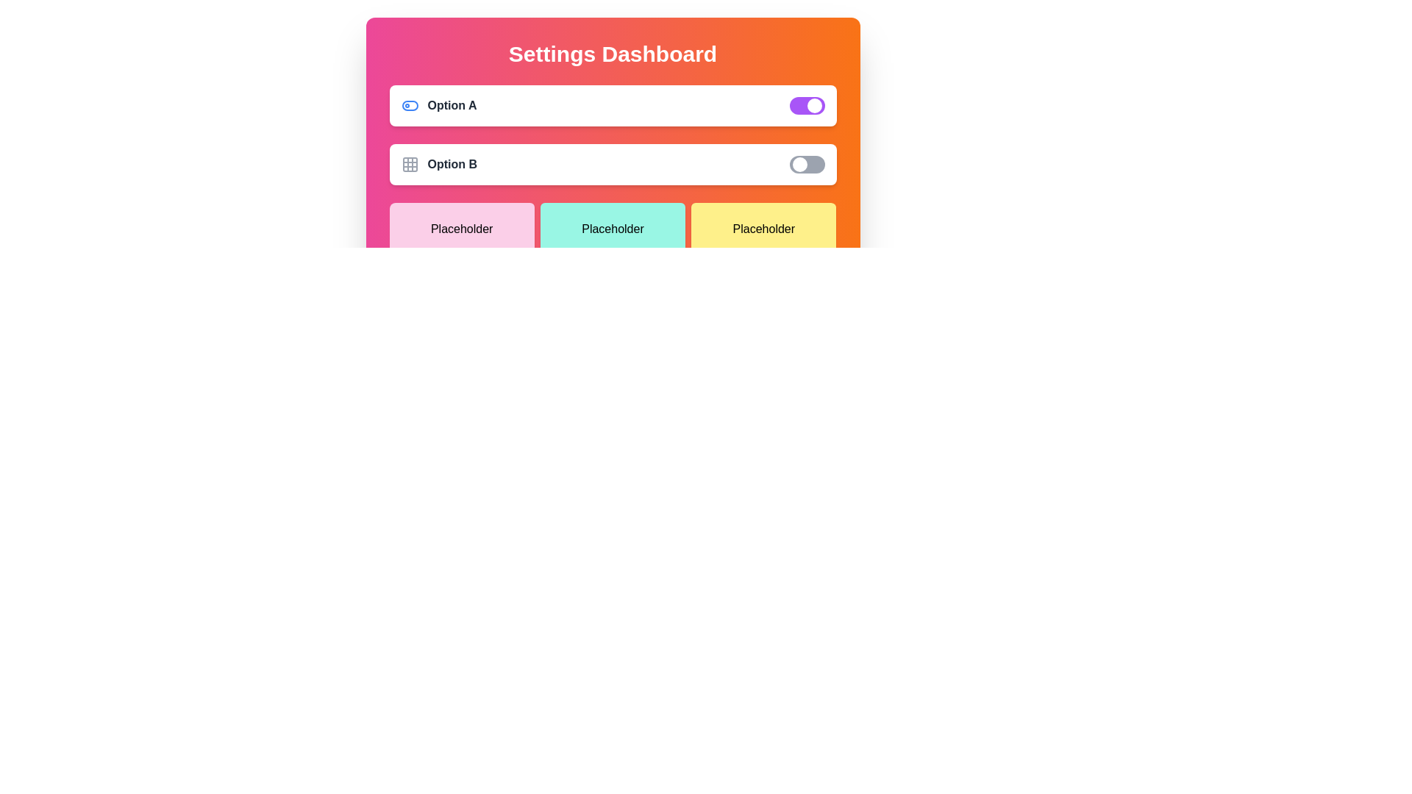  Describe the element at coordinates (410, 164) in the screenshot. I see `the rounded rectangle in the top-left corner of the grid-like icon structure, which is part of a larger icon and has a dimension of 18x18 units` at that location.